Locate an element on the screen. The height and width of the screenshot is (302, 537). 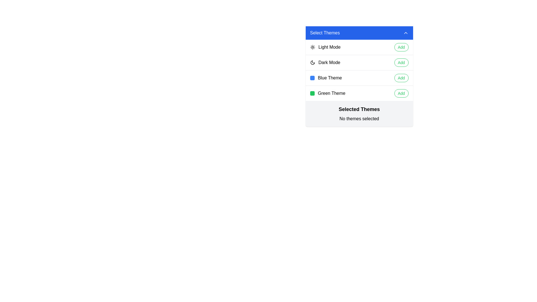
the 'dark mode' icon located to the left of the 'Dark Mode' text in the 'Select Themes' section is located at coordinates (312, 62).